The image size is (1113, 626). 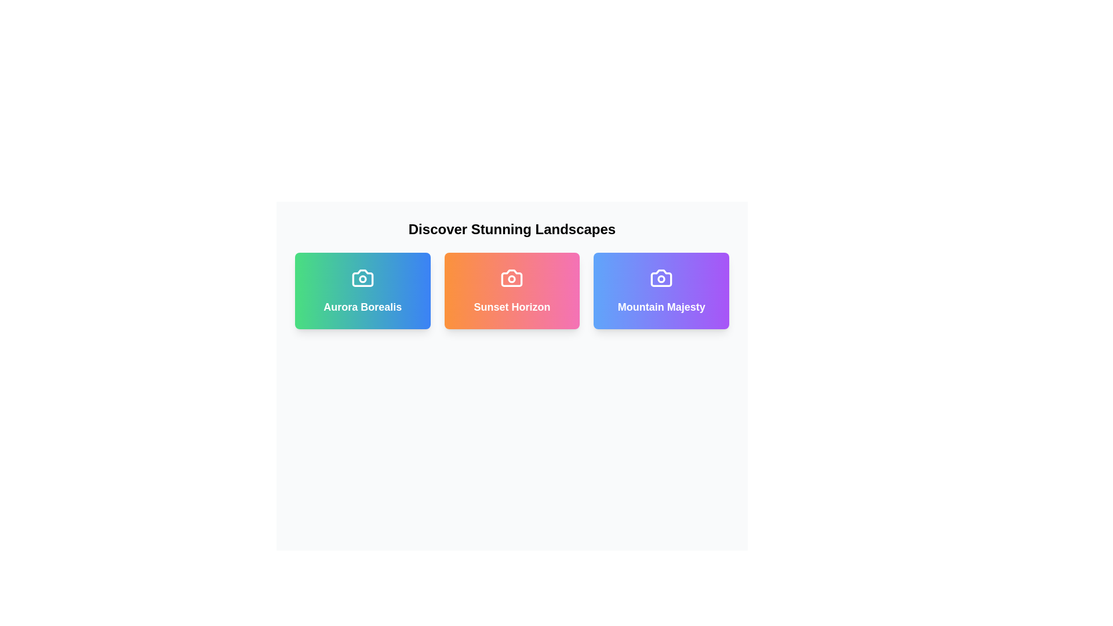 What do you see at coordinates (511, 290) in the screenshot?
I see `the interactive card titled 'Sunset Horizon'` at bounding box center [511, 290].